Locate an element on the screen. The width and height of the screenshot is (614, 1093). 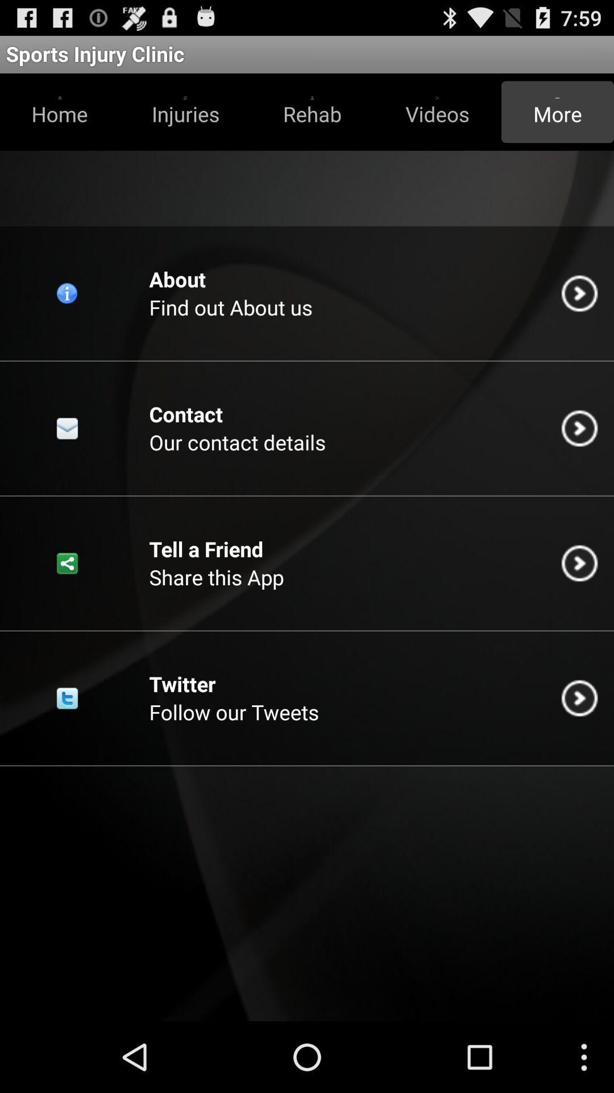
the item next to the injuries icon is located at coordinates (312, 112).